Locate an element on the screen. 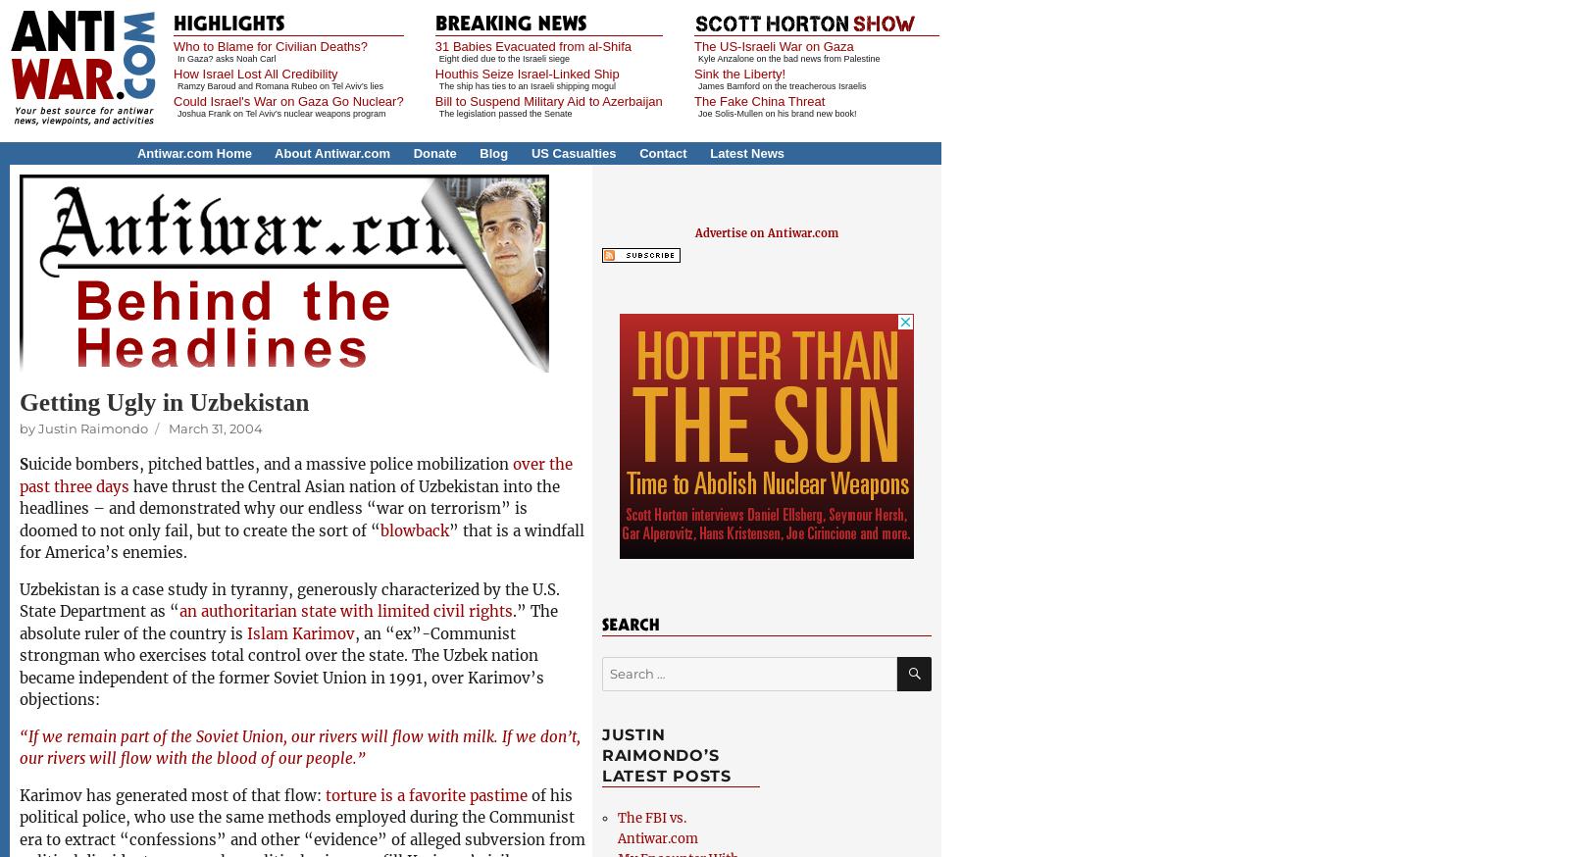  'Antiwar.com Home' is located at coordinates (192, 152).